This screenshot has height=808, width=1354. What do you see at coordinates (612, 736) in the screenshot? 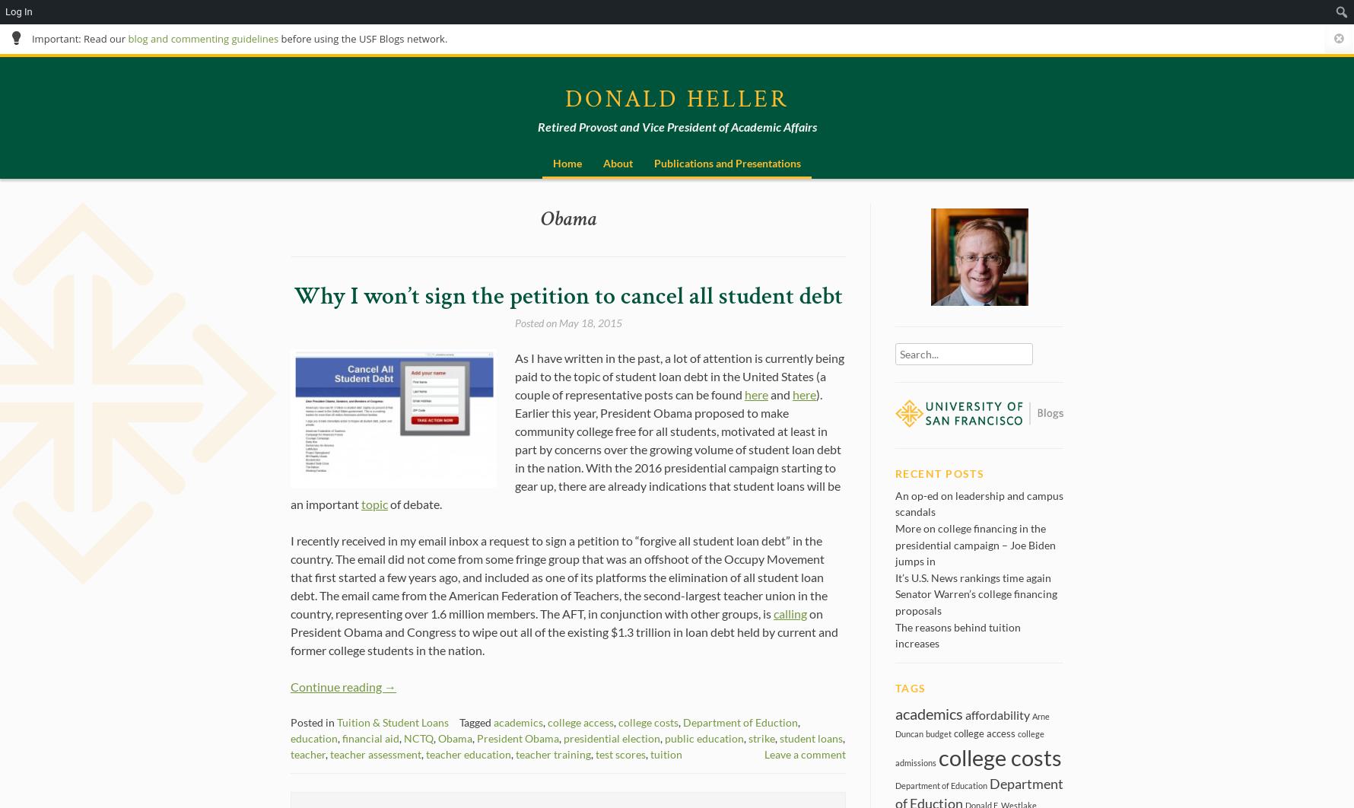
I see `'presidential election'` at bounding box center [612, 736].